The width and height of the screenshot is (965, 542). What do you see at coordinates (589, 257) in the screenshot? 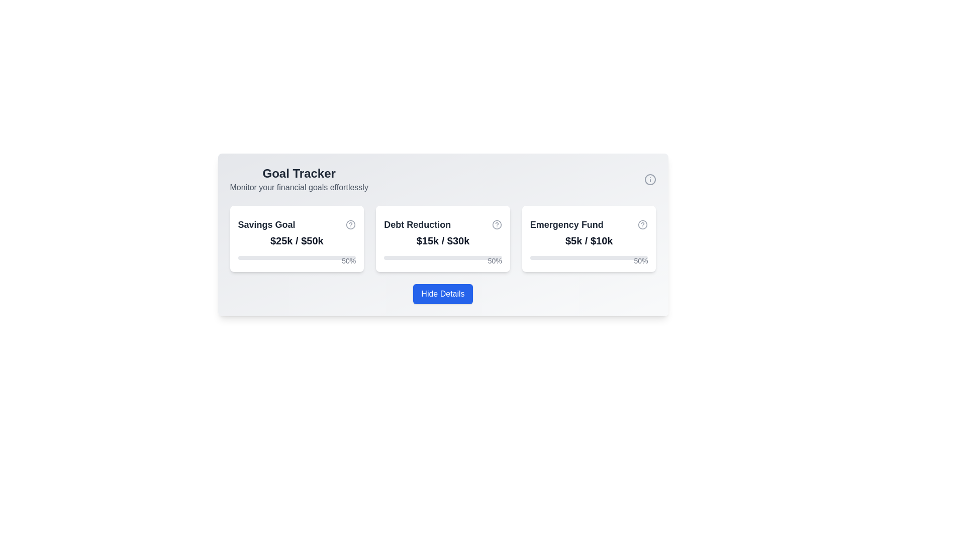
I see `text displayed on the Progress bar with label located at the bottom of the 'Emergency Fund' card, below the '$5k / $10k' text` at bounding box center [589, 257].